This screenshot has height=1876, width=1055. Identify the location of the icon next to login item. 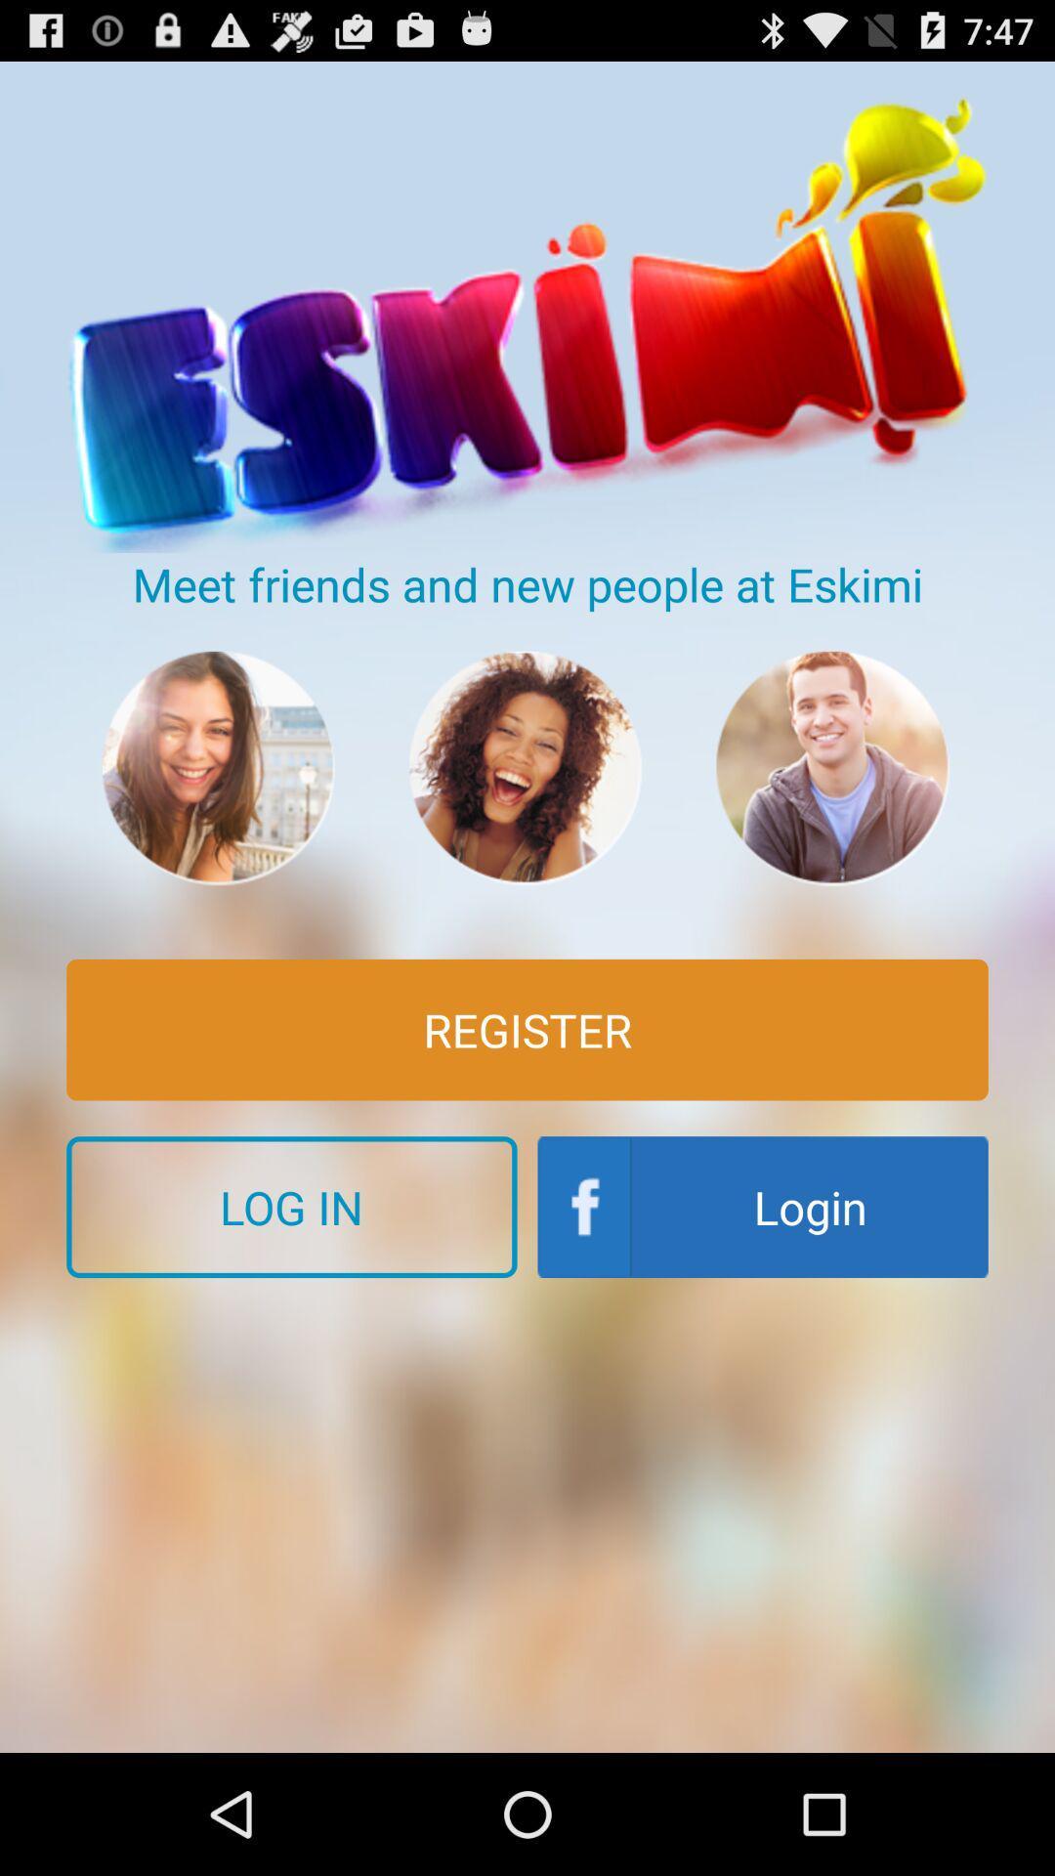
(291, 1206).